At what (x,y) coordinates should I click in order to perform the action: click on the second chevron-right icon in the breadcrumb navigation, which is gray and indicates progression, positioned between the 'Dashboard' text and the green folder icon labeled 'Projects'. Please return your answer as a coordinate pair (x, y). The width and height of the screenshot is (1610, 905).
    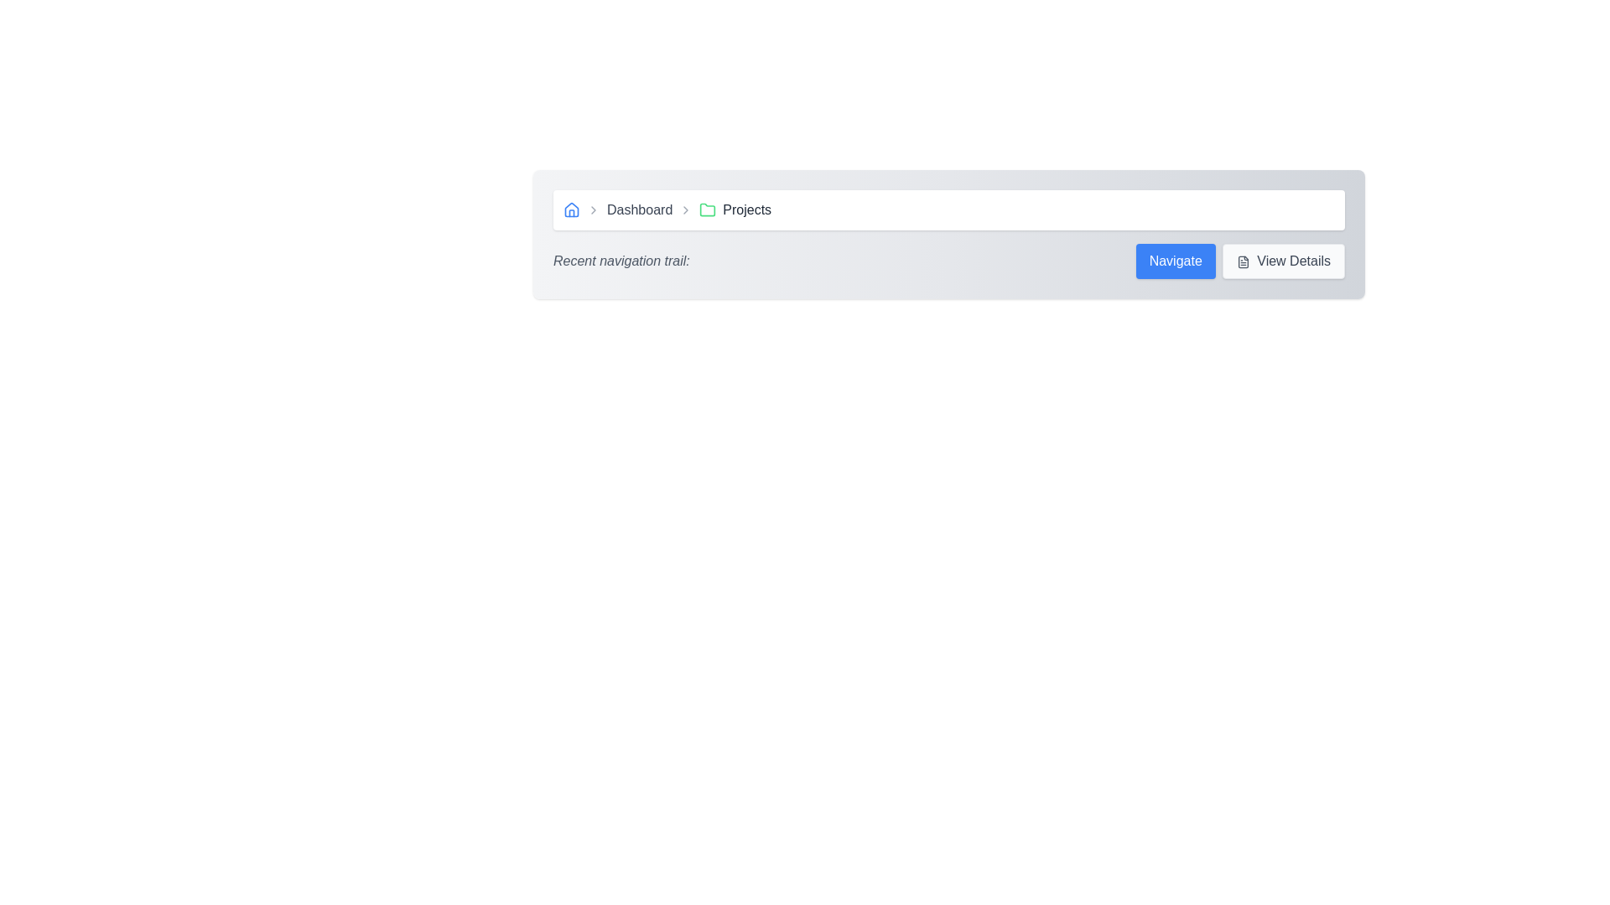
    Looking at the image, I should click on (686, 209).